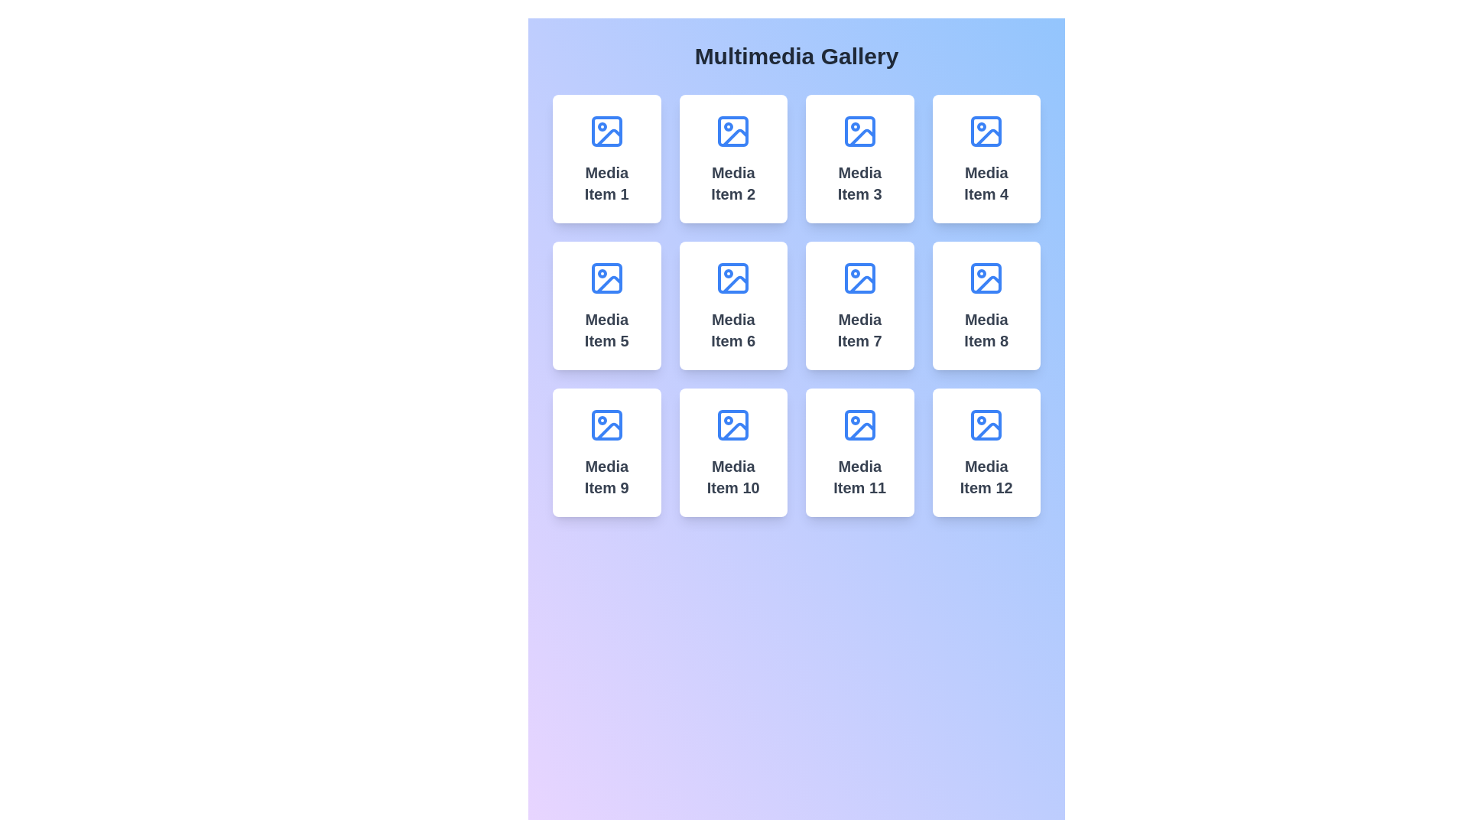 The width and height of the screenshot is (1468, 826). Describe the element at coordinates (608, 285) in the screenshot. I see `the decorative graphic element represented by a diagonal line segment within the icon of the media card labeled 'Media Item 5' located in the second row, first column of the media gallery grid` at that location.